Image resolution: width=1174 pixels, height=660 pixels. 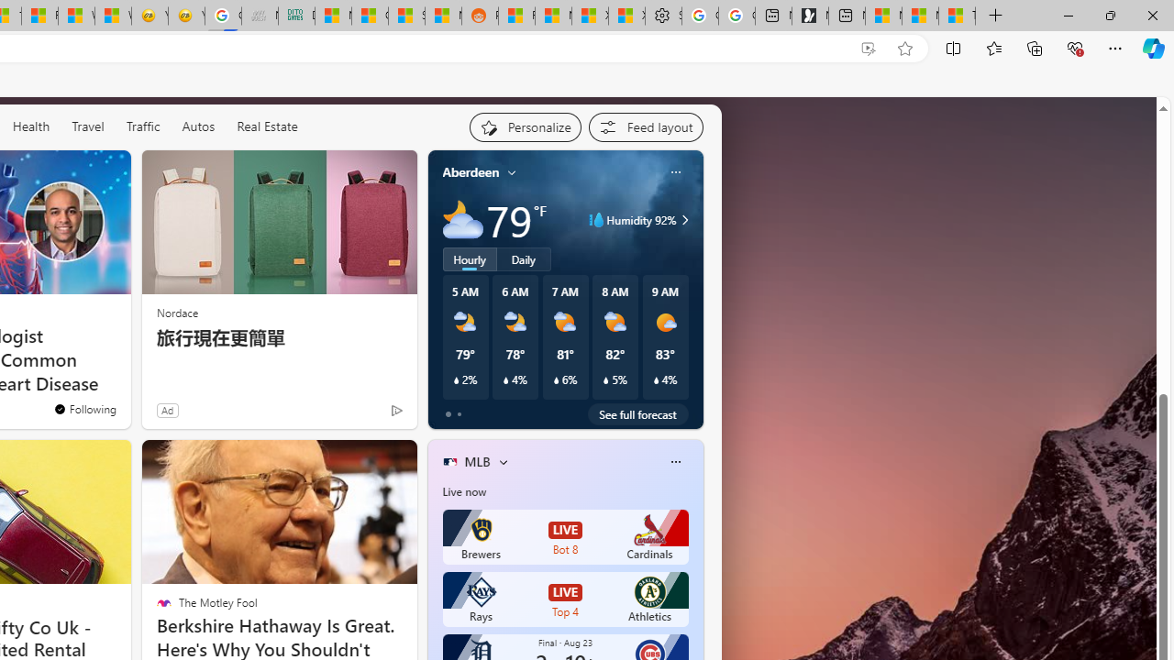 I want to click on 'Mostly cloudy', so click(x=462, y=219).